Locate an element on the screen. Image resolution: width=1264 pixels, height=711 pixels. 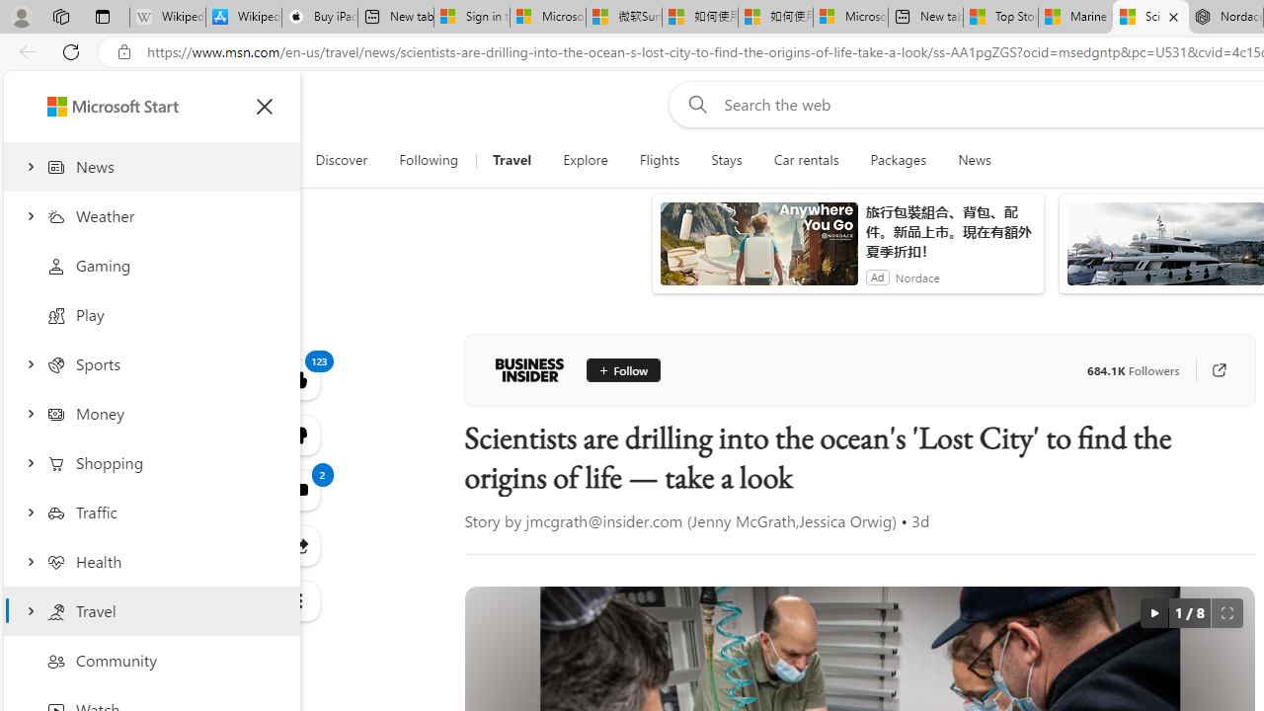
'Go to publisher' is located at coordinates (1218, 370).